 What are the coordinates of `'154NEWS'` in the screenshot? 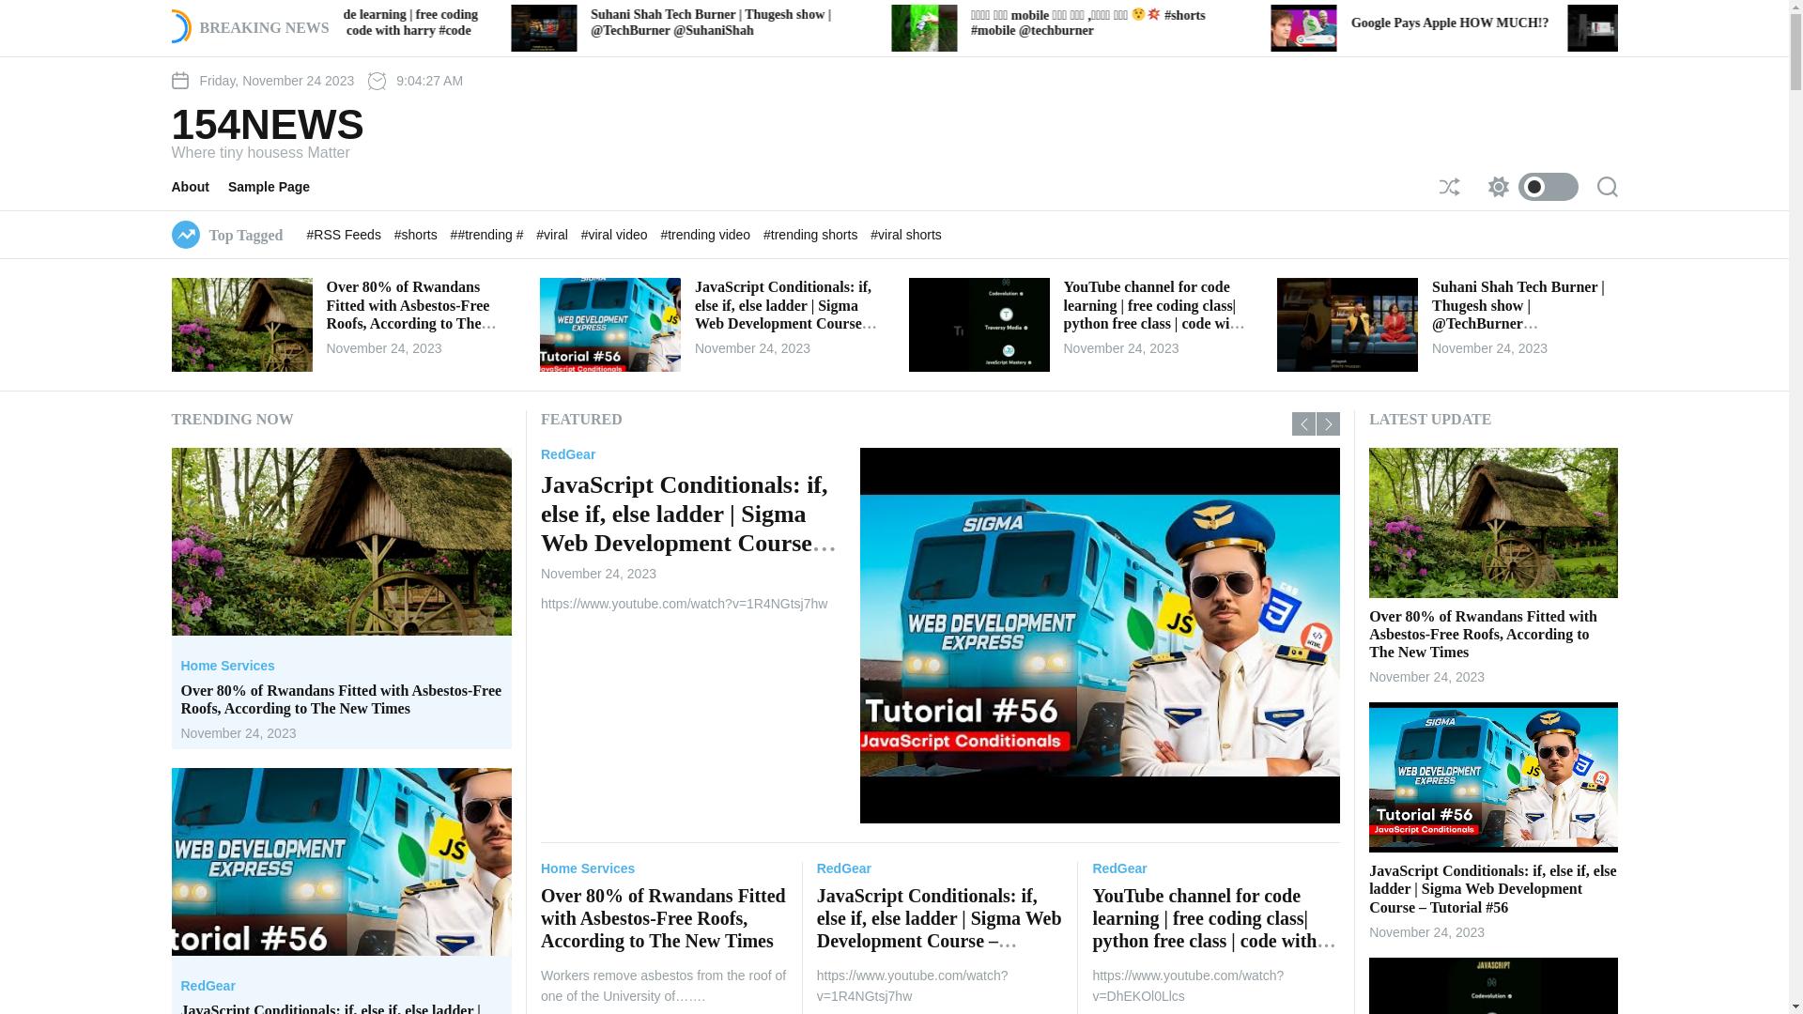 It's located at (171, 124).